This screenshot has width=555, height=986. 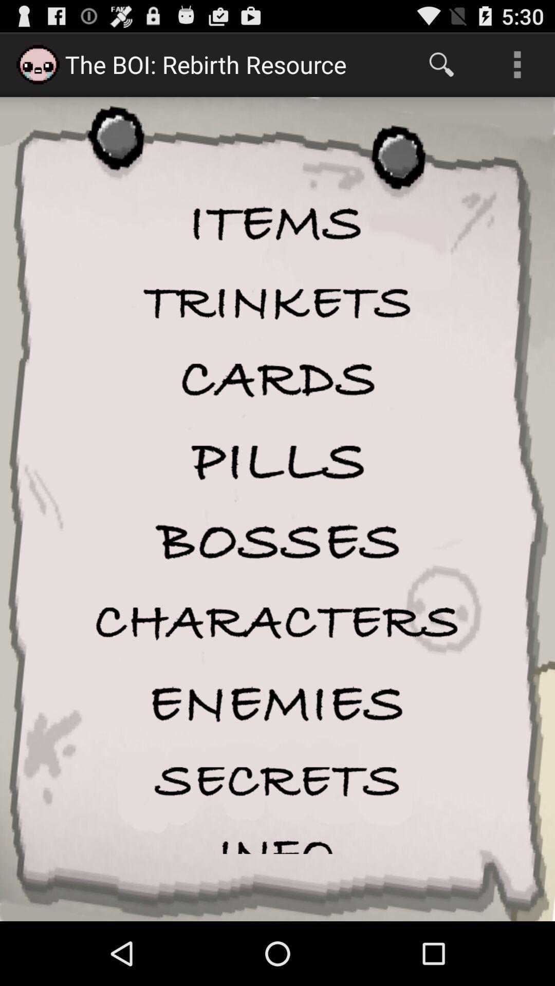 I want to click on enemies button, so click(x=277, y=703).